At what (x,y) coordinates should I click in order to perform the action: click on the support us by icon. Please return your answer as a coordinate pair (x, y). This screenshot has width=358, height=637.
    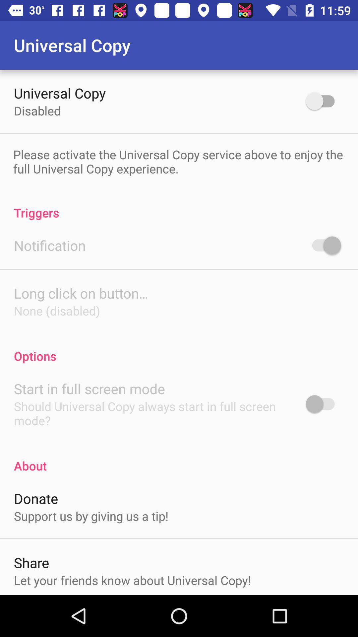
    Looking at the image, I should click on (91, 516).